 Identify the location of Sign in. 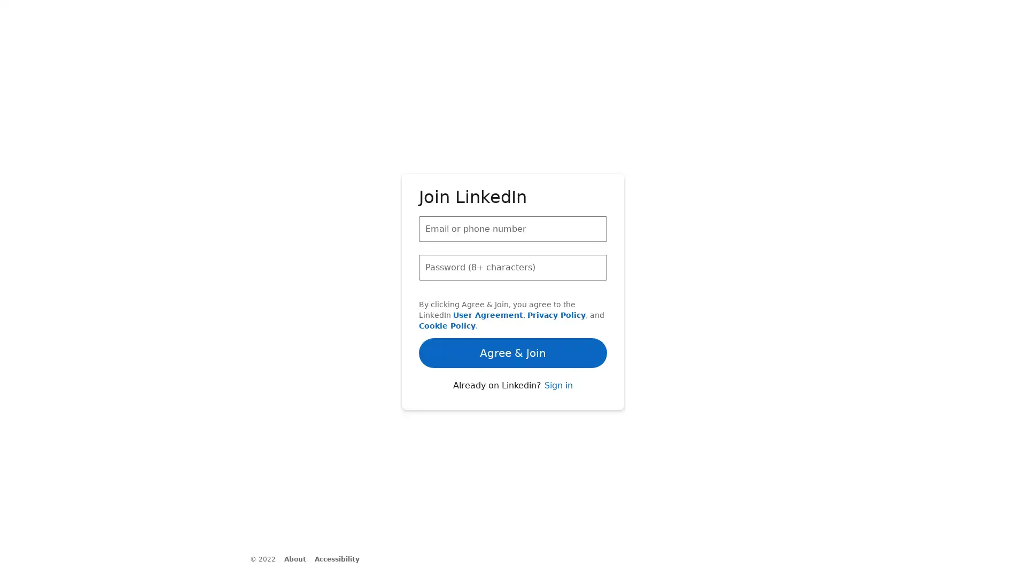
(557, 409).